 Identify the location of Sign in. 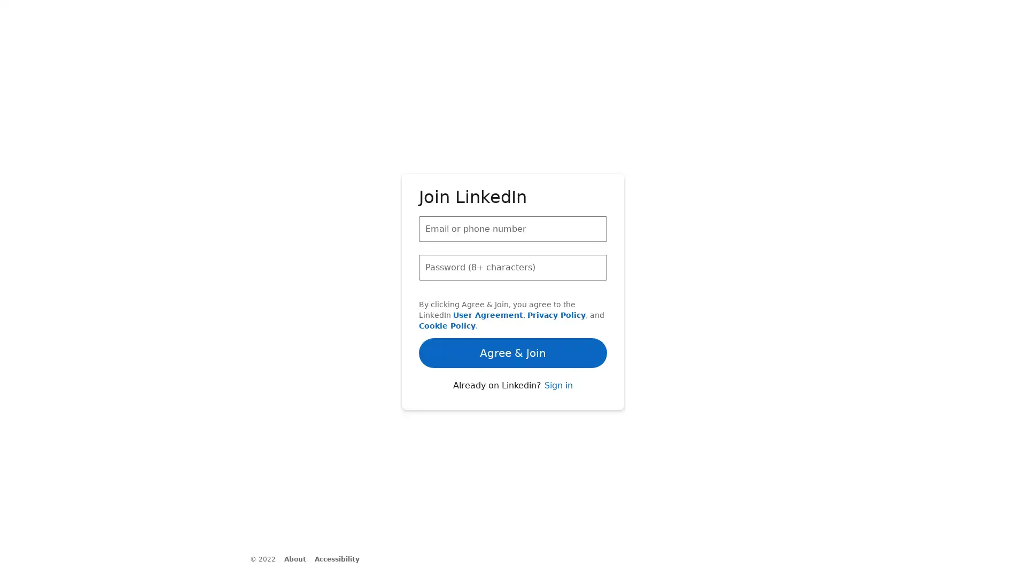
(557, 409).